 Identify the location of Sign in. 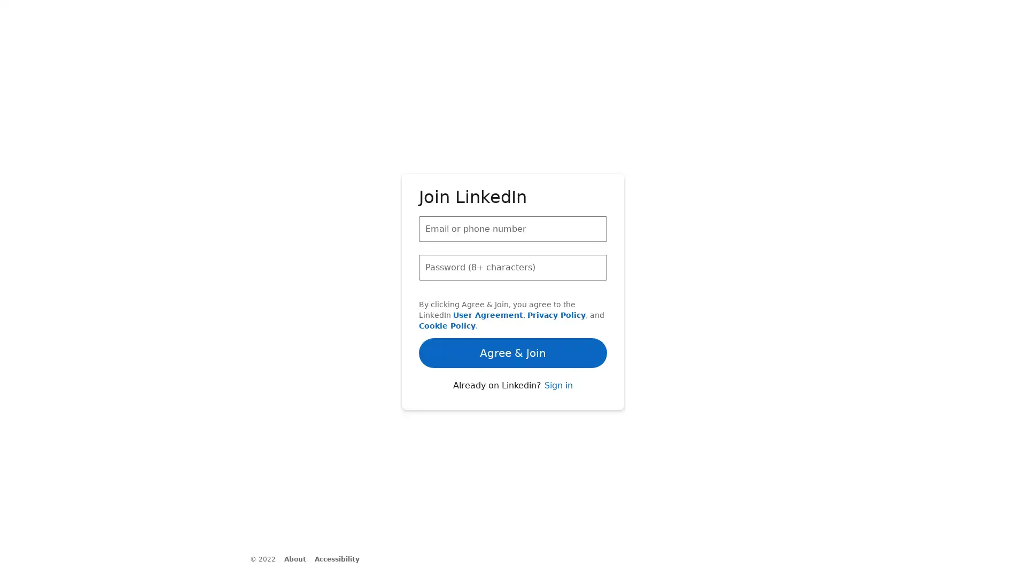
(557, 409).